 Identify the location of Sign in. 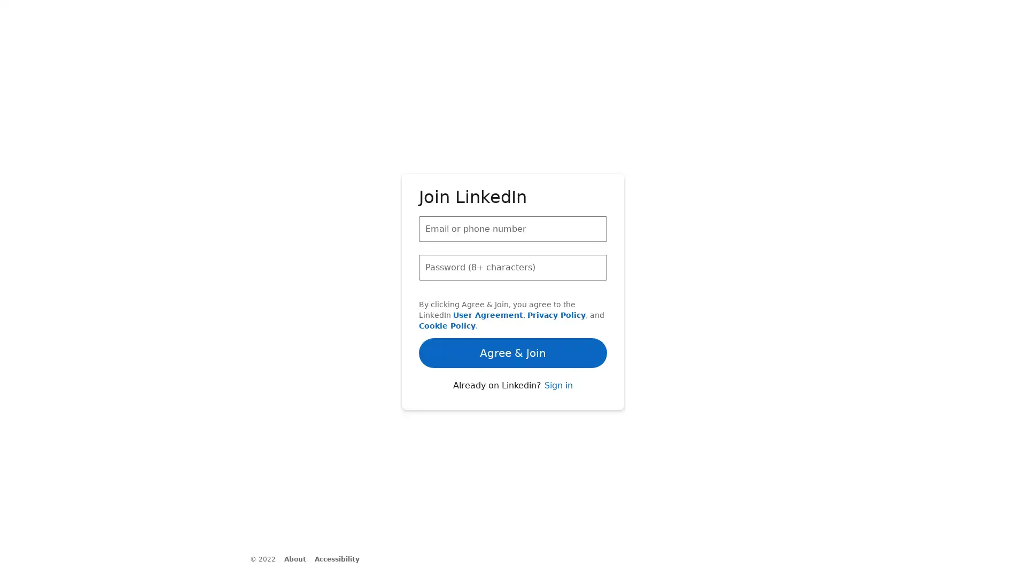
(557, 409).